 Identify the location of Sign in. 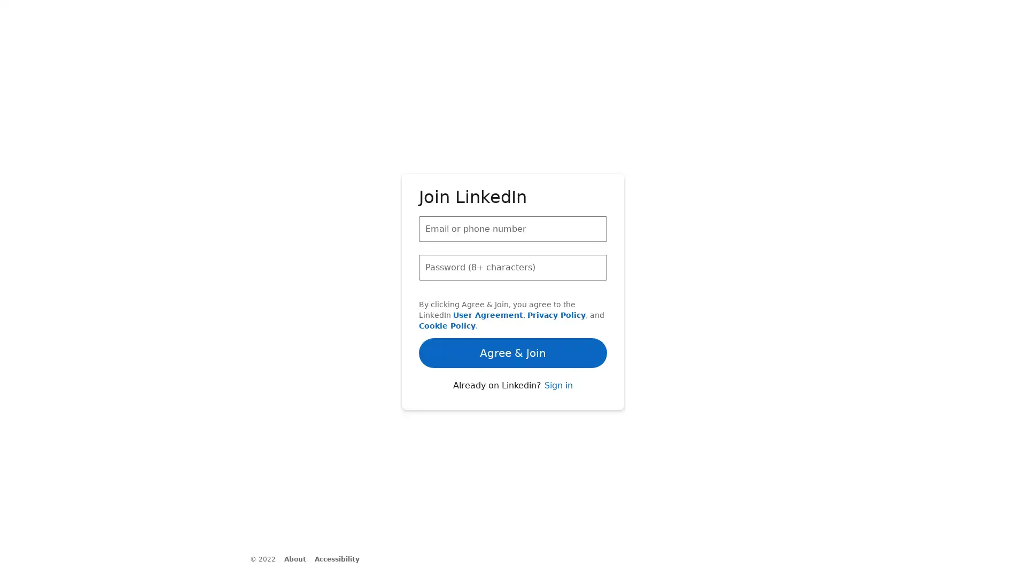
(557, 409).